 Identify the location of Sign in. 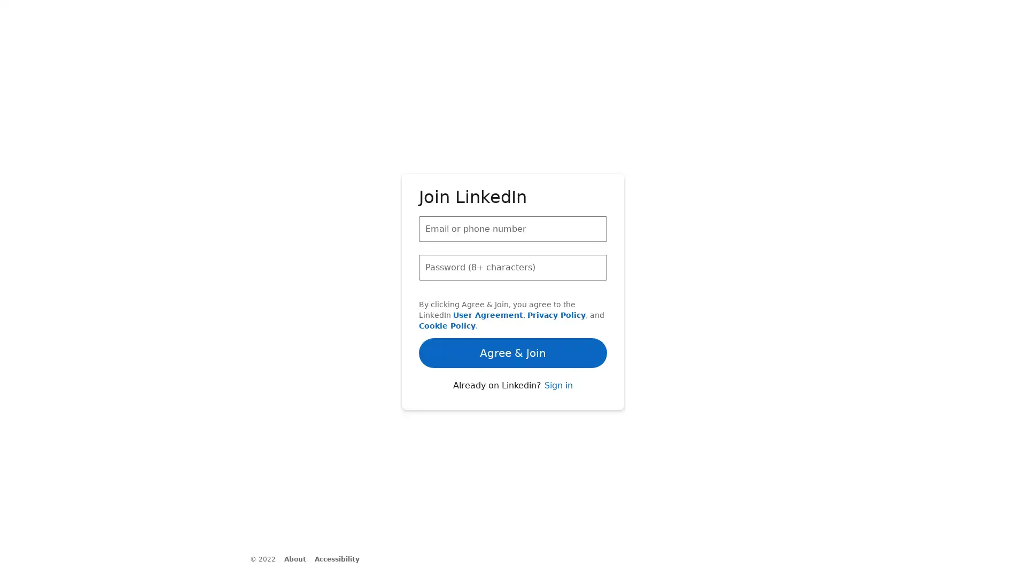
(557, 409).